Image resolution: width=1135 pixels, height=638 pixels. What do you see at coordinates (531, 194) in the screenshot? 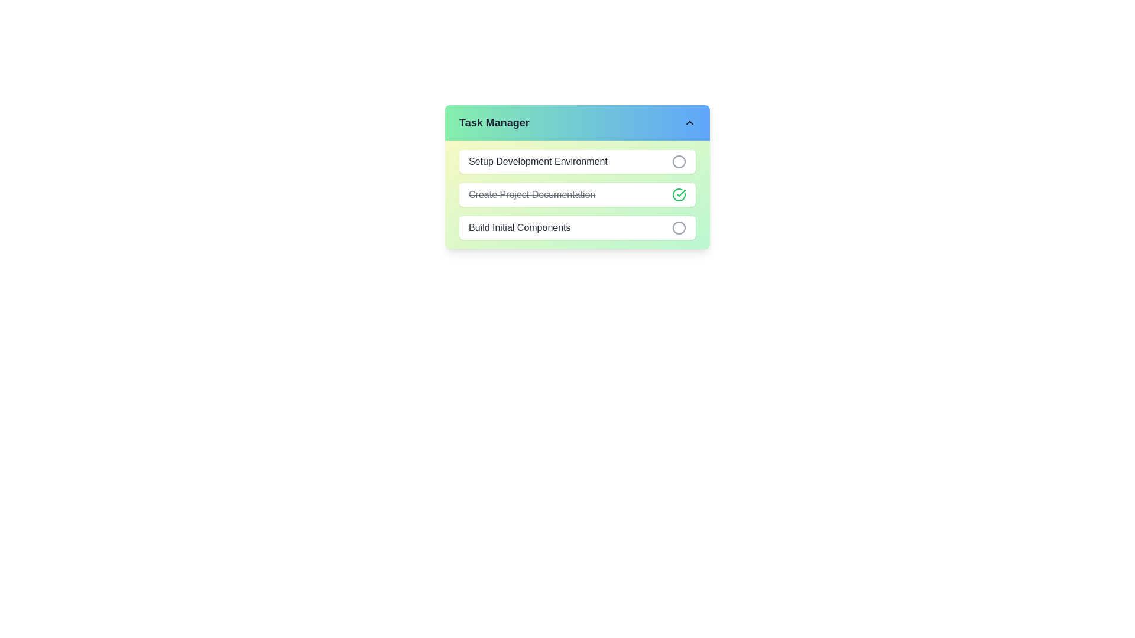
I see `the task name Create Project Documentation to focus or select its text` at bounding box center [531, 194].